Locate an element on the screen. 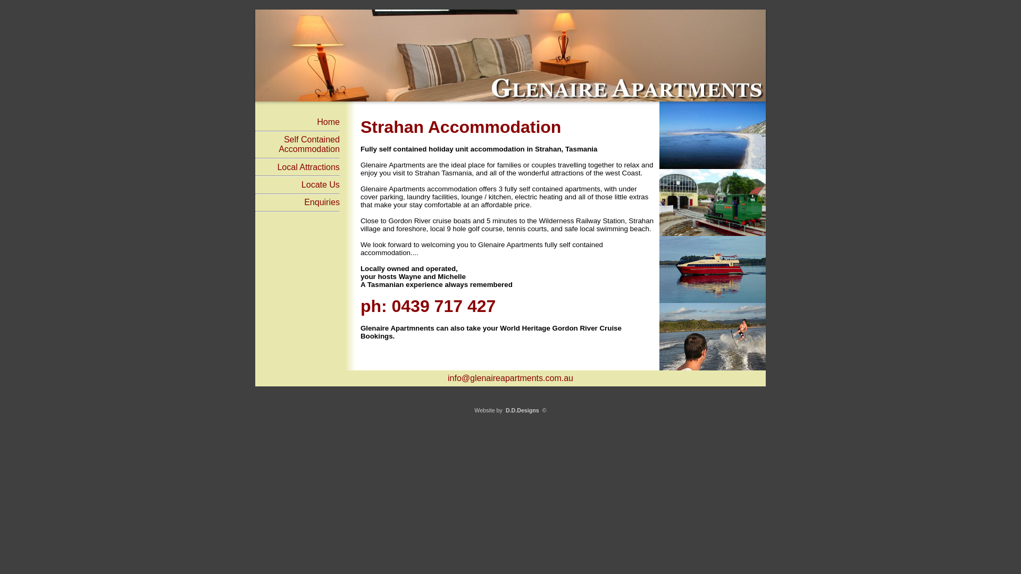  'Locate Us' is located at coordinates (320, 184).